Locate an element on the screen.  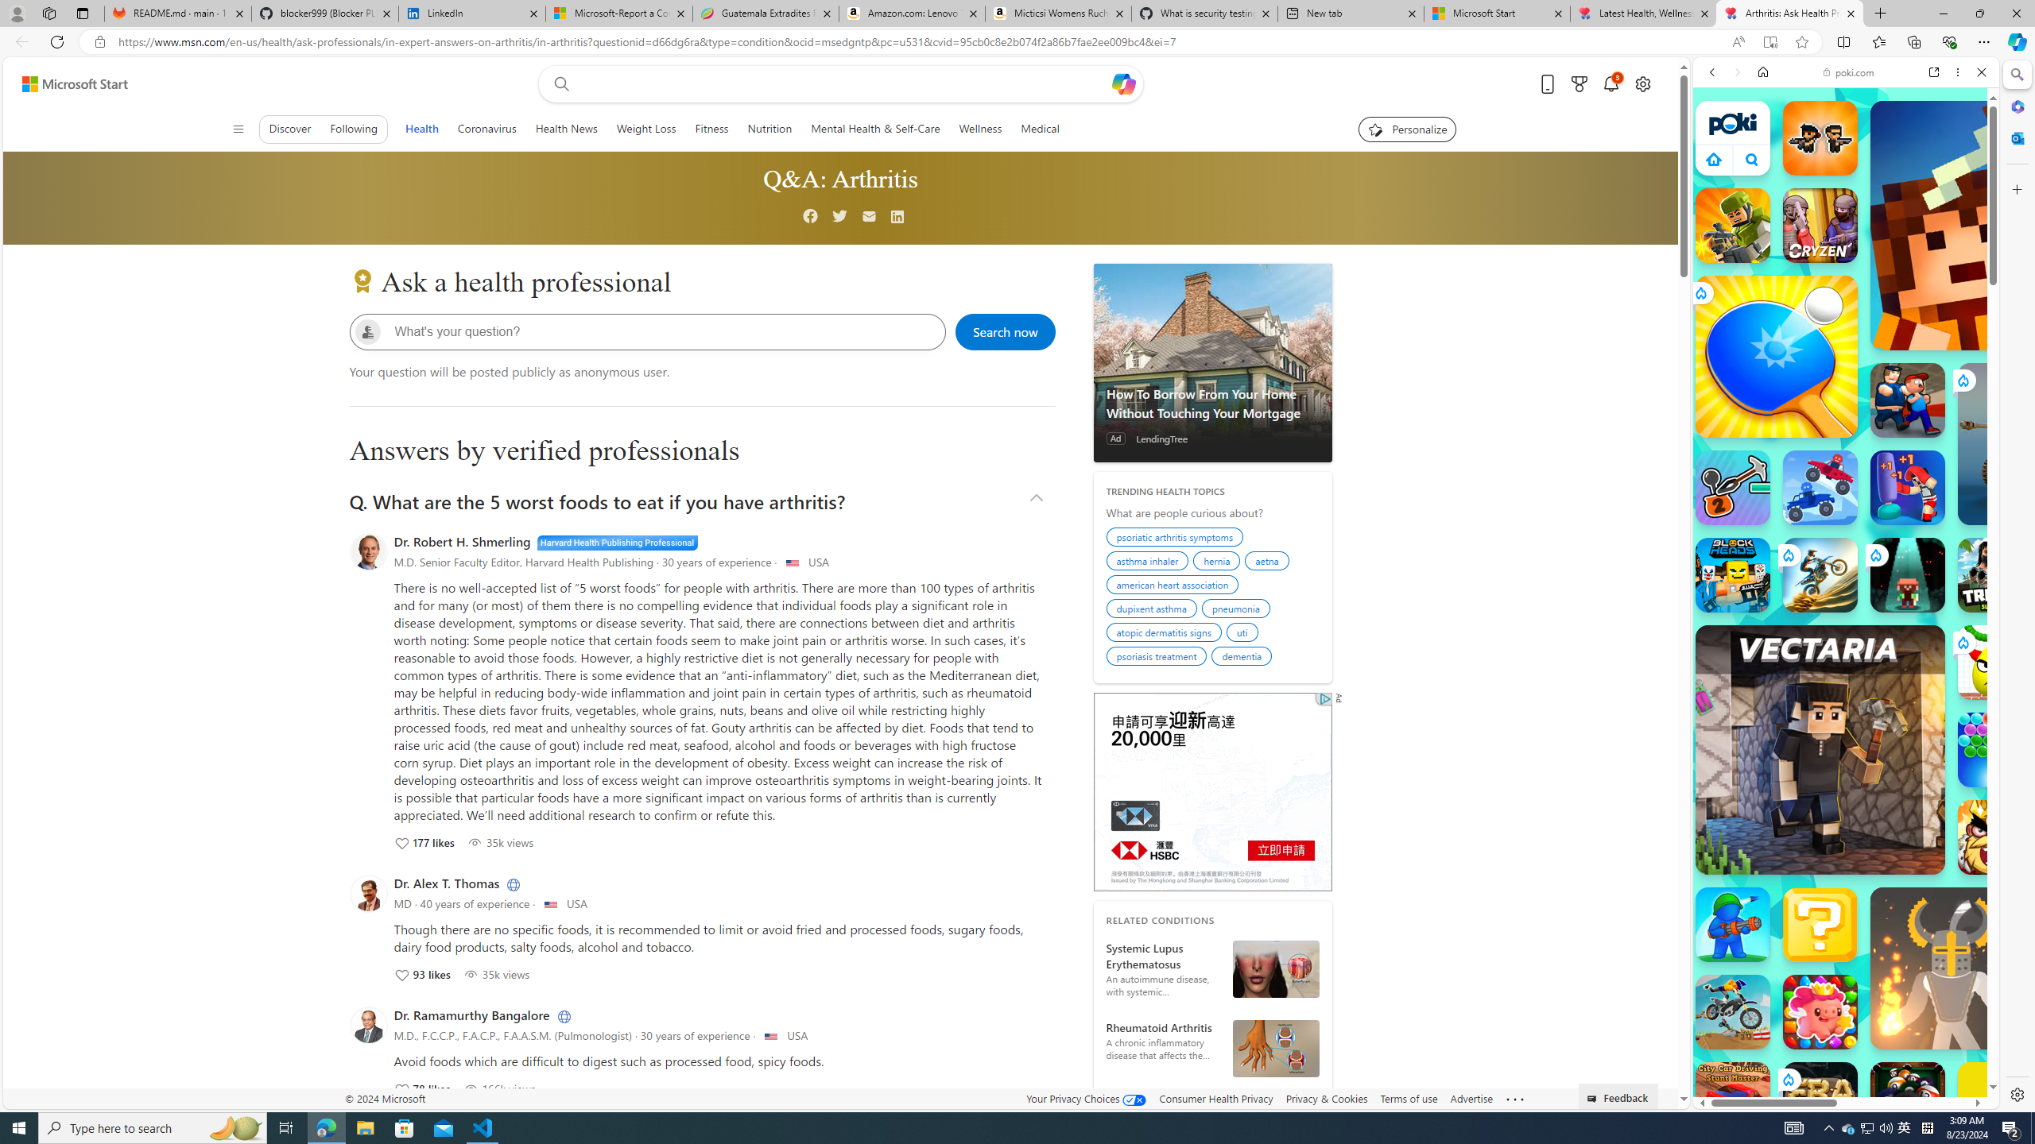
'Bubble Shooter' is located at coordinates (1995, 748).